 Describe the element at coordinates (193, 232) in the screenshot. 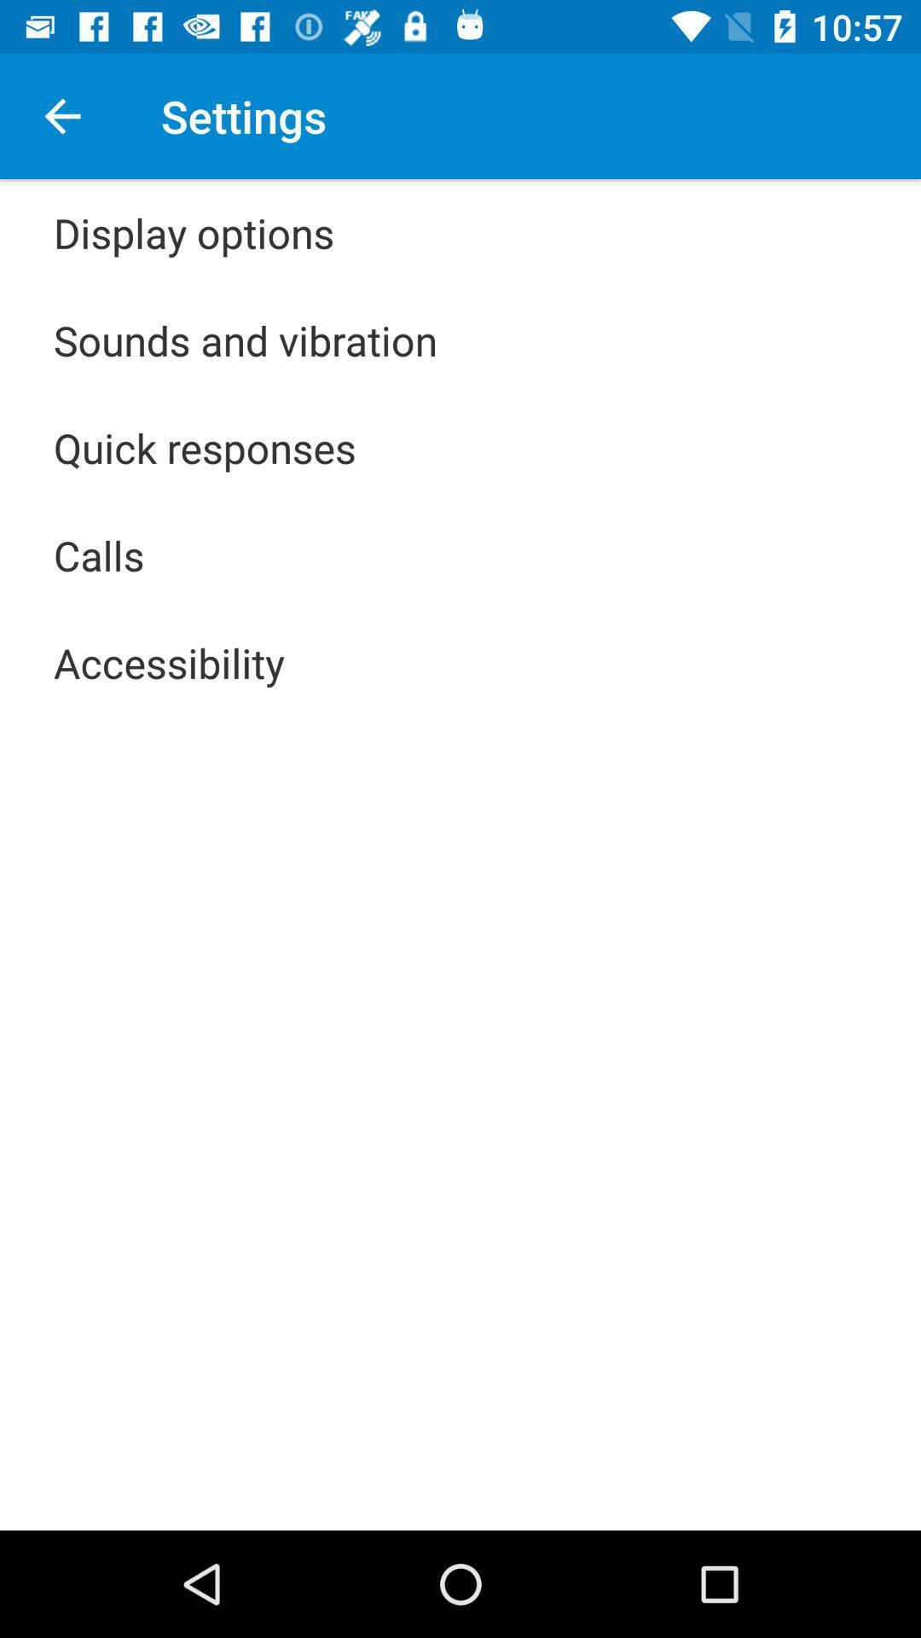

I see `the display options icon` at that location.